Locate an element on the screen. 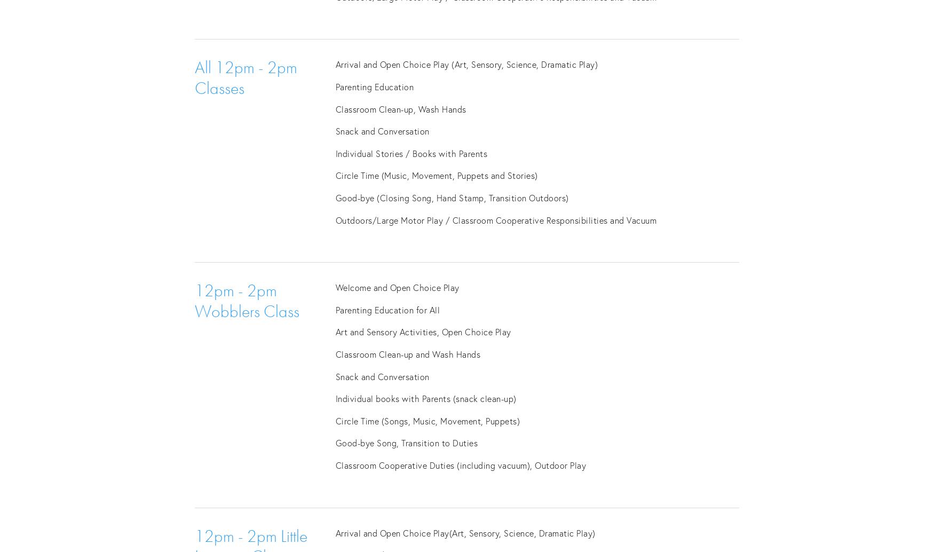 The image size is (934, 552). 'Individual books with Parents (snack clean-up)' is located at coordinates (426, 398).